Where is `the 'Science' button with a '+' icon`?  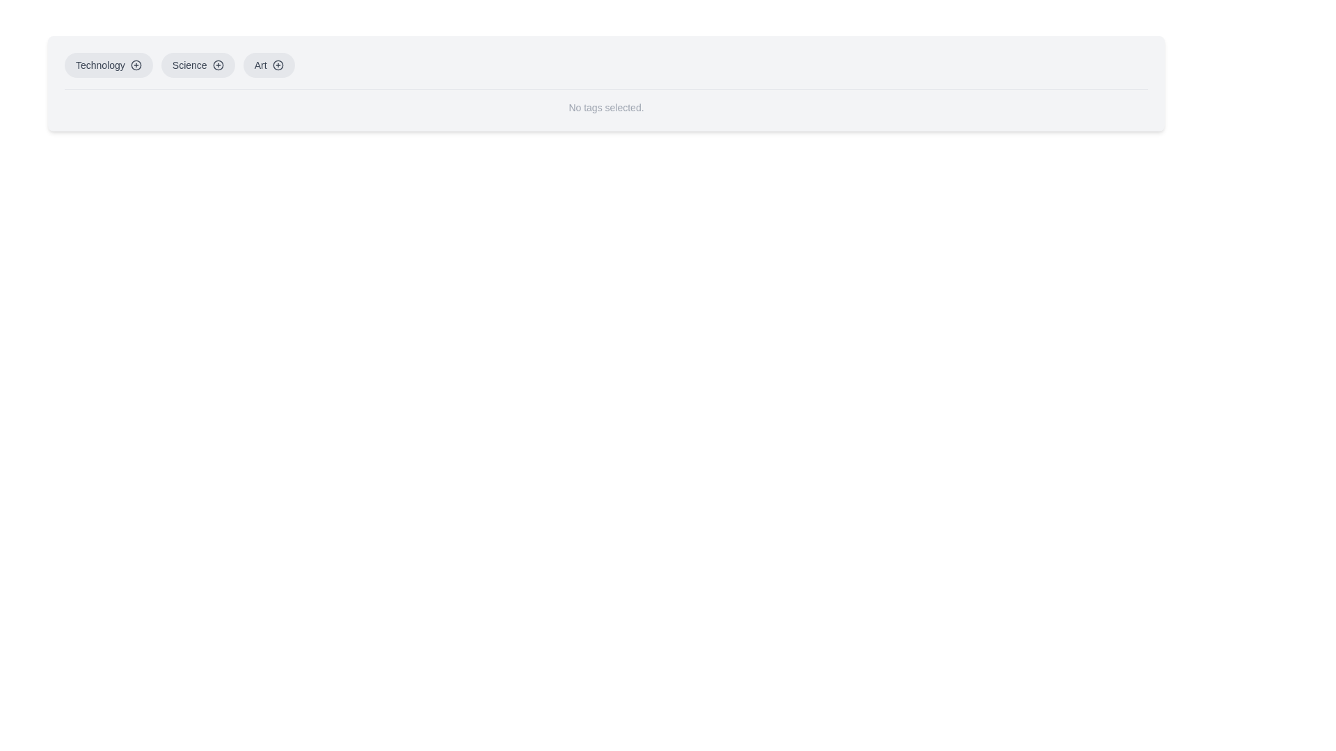 the 'Science' button with a '+' icon is located at coordinates (197, 65).